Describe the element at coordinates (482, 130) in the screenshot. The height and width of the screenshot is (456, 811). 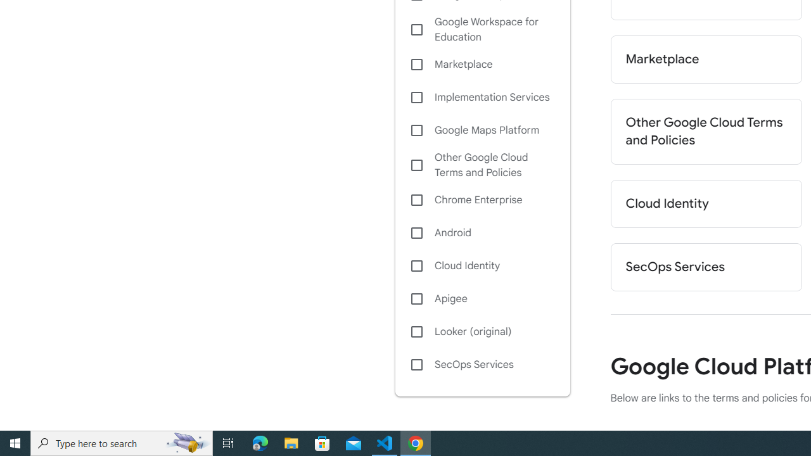
I see `'Google Maps Platform'` at that location.